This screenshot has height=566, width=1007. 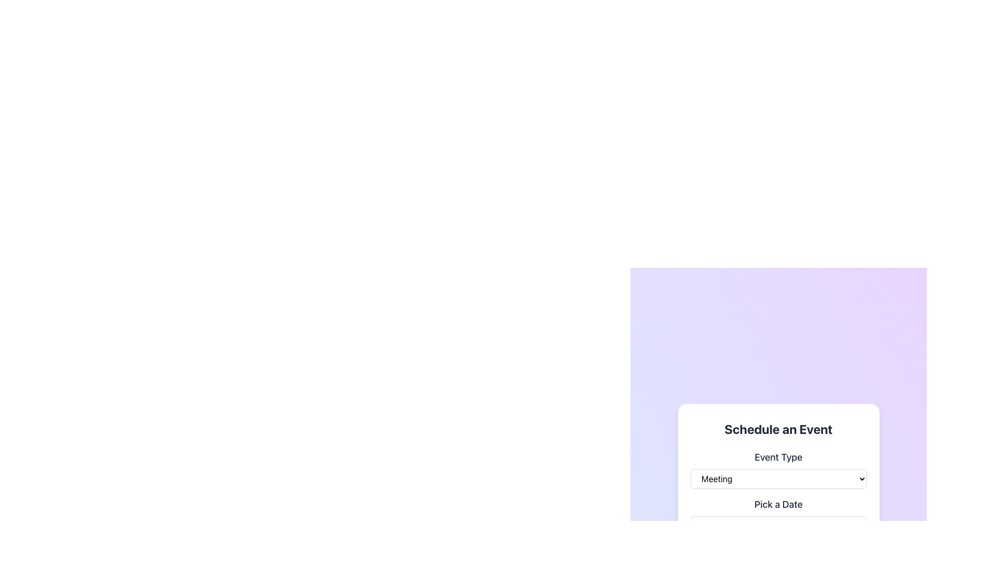 What do you see at coordinates (778, 429) in the screenshot?
I see `the header text label displaying 'Schedule an Event', which is located at the top of the scheduling options panel` at bounding box center [778, 429].